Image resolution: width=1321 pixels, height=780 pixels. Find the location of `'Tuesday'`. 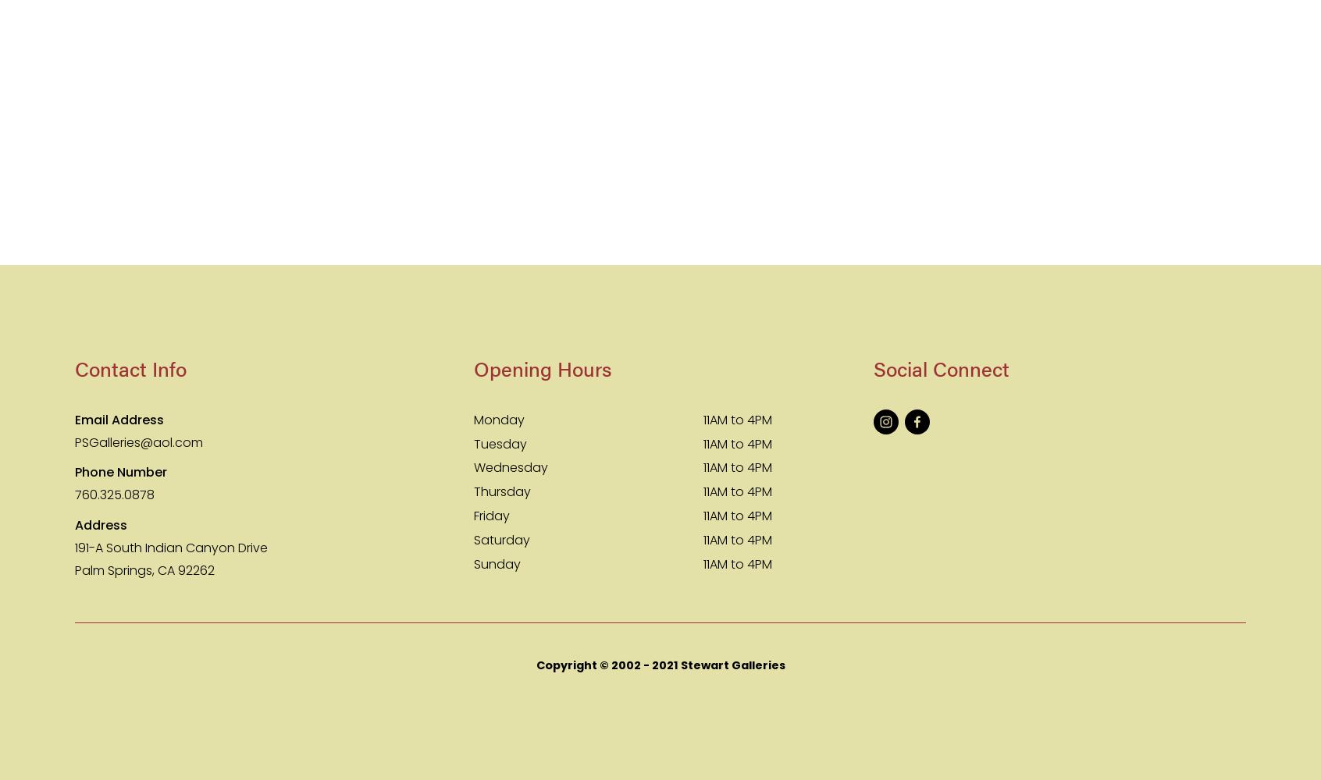

'Tuesday' is located at coordinates (500, 442).